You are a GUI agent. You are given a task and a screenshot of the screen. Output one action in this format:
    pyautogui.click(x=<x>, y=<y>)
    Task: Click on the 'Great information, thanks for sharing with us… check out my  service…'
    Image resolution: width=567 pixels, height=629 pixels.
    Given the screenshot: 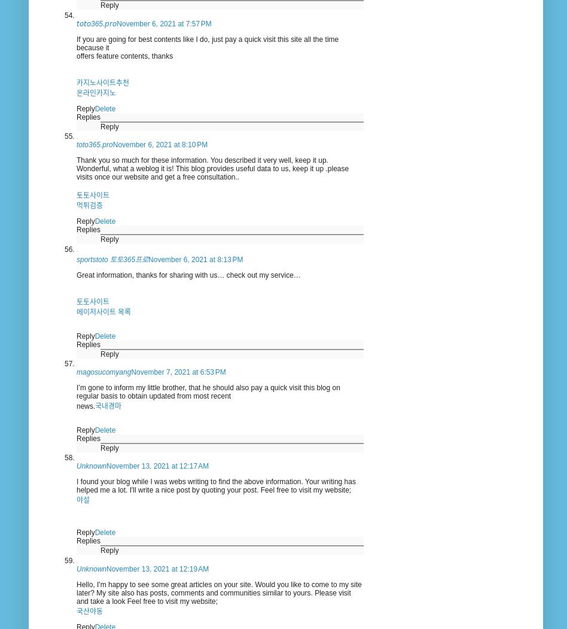 What is the action you would take?
    pyautogui.click(x=188, y=274)
    